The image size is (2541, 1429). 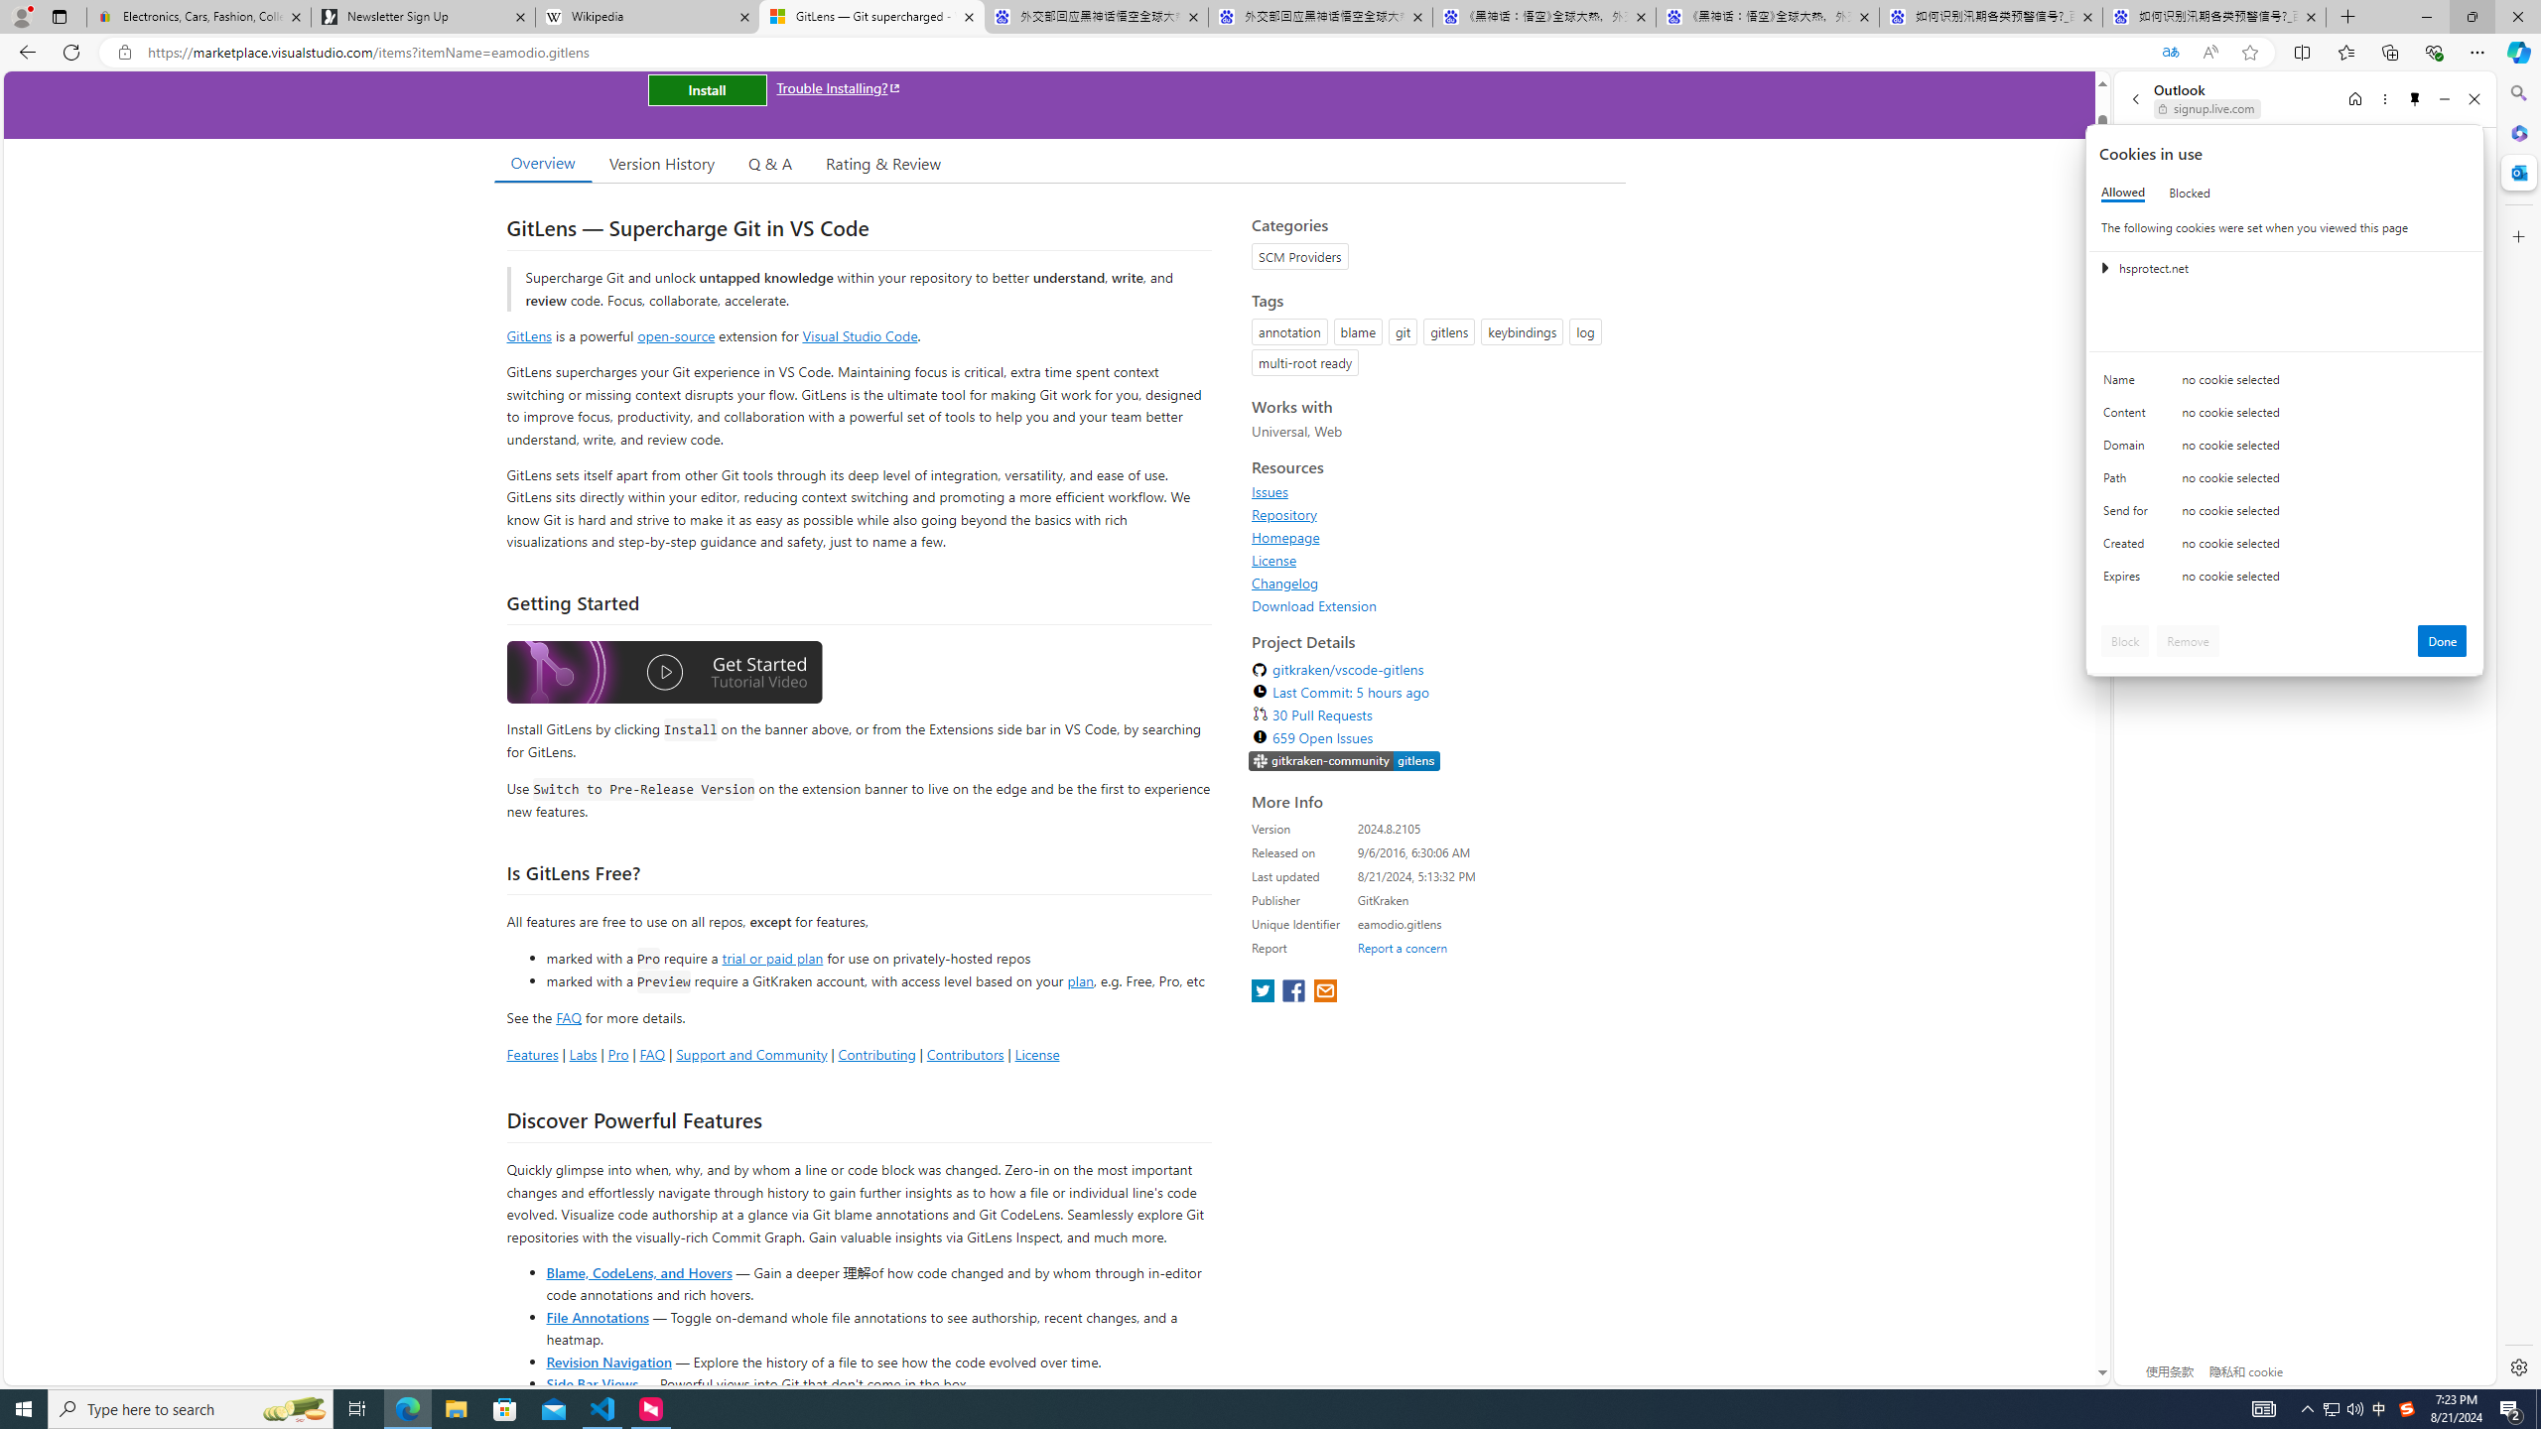 I want to click on 'Remove', so click(x=2188, y=641).